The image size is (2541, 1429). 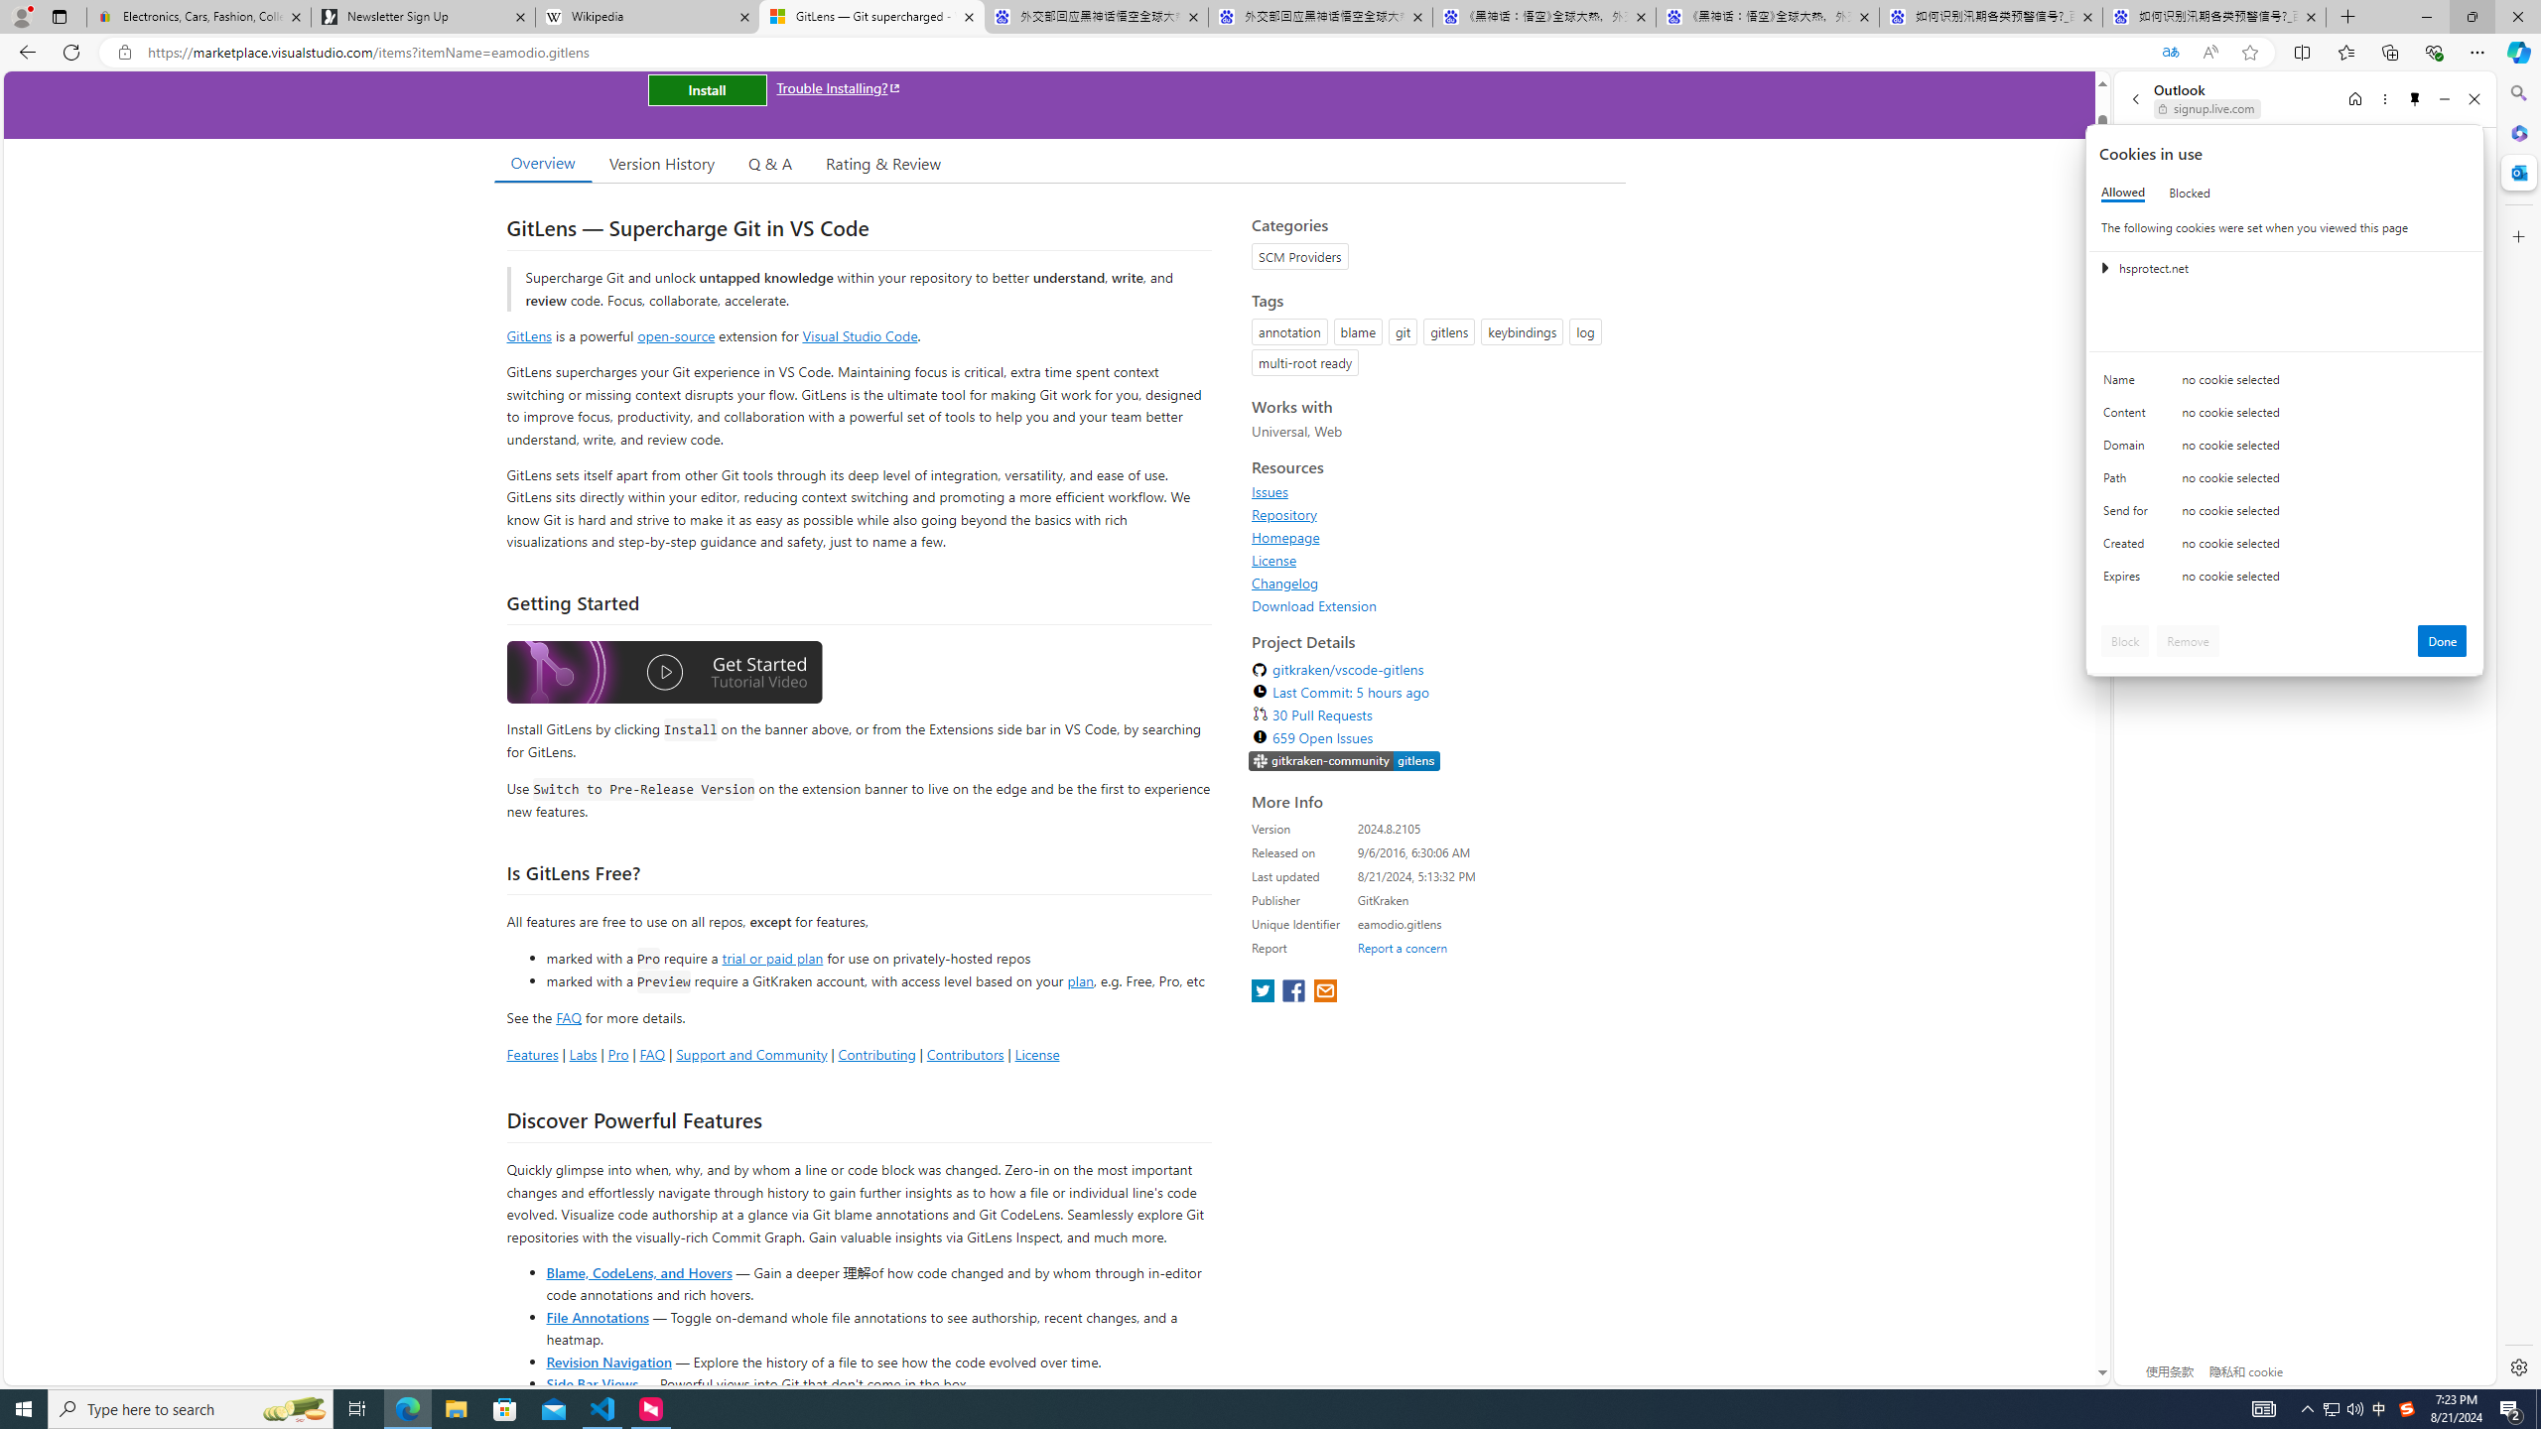 I want to click on 'Remove', so click(x=2188, y=641).